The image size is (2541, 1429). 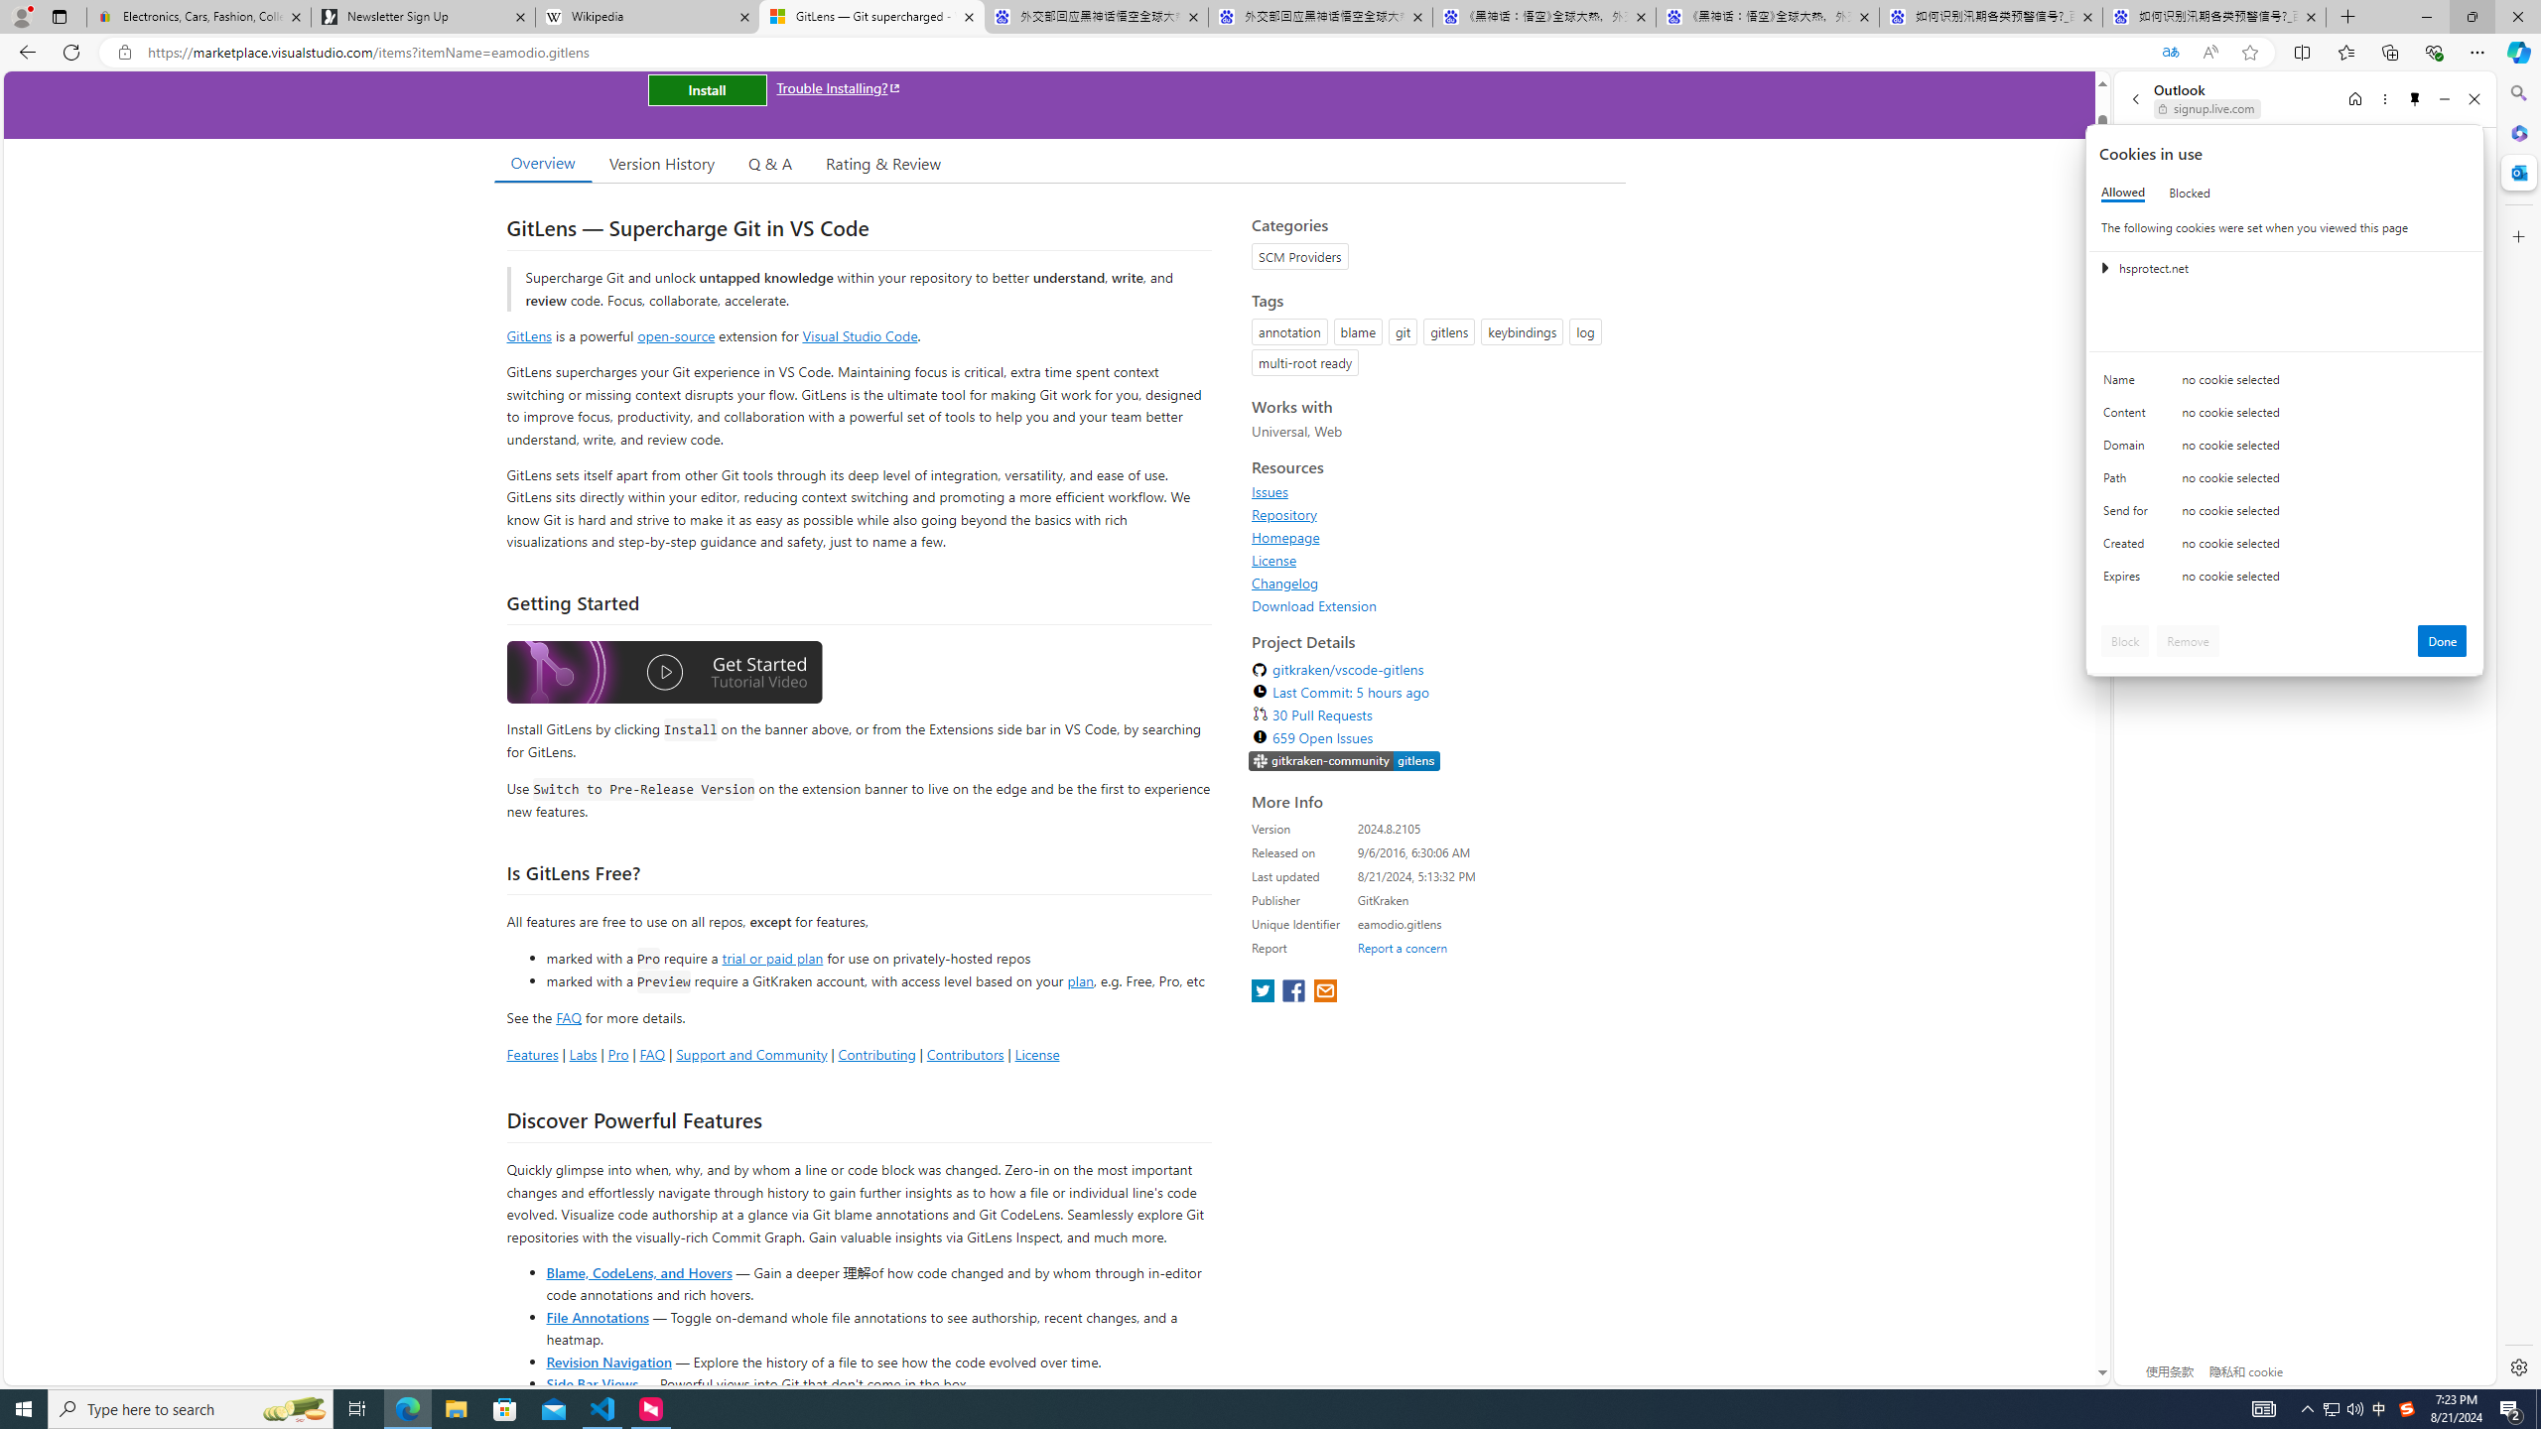 I want to click on 'Remove', so click(x=2188, y=641).